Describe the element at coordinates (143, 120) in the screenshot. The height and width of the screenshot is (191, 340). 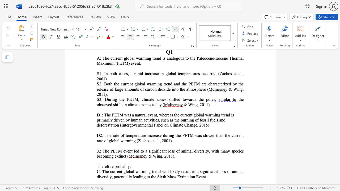
I see `the subset text "activities, such as the burning of fossil fuels and deforestat" within the text "the current global warming trend is primarily driven by human activities, such as the burning of fossil fuels and deforestation"` at that location.